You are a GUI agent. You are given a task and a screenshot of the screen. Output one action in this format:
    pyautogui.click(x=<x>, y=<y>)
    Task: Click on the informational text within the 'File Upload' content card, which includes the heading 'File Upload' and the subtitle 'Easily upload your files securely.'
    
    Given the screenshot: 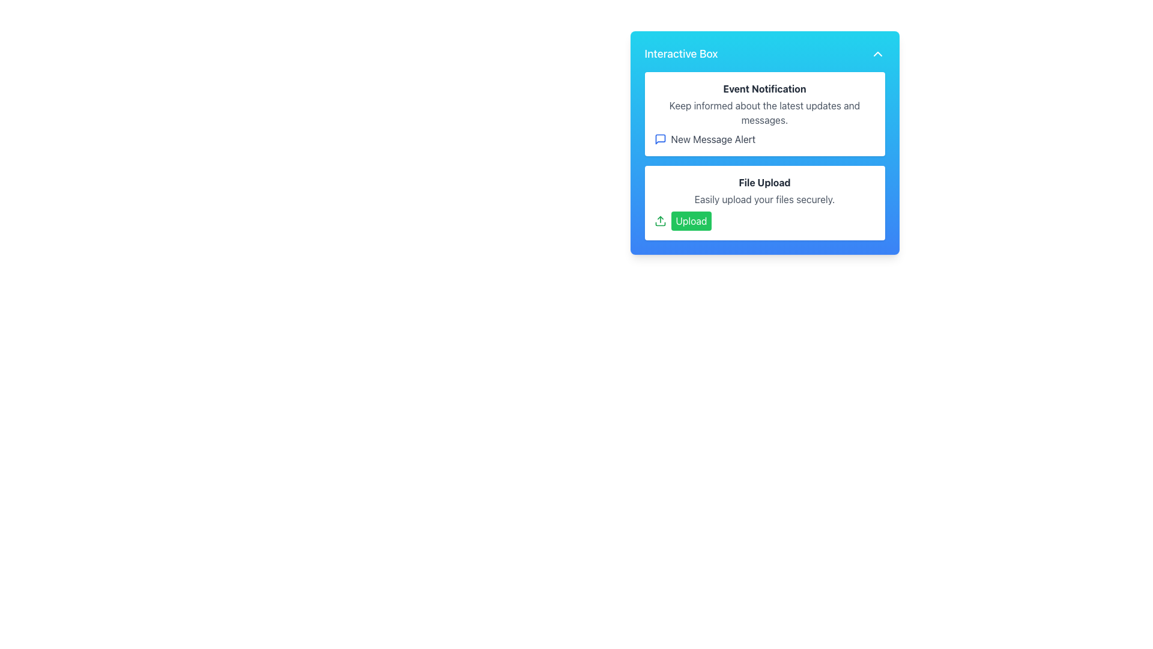 What is the action you would take?
    pyautogui.click(x=764, y=203)
    